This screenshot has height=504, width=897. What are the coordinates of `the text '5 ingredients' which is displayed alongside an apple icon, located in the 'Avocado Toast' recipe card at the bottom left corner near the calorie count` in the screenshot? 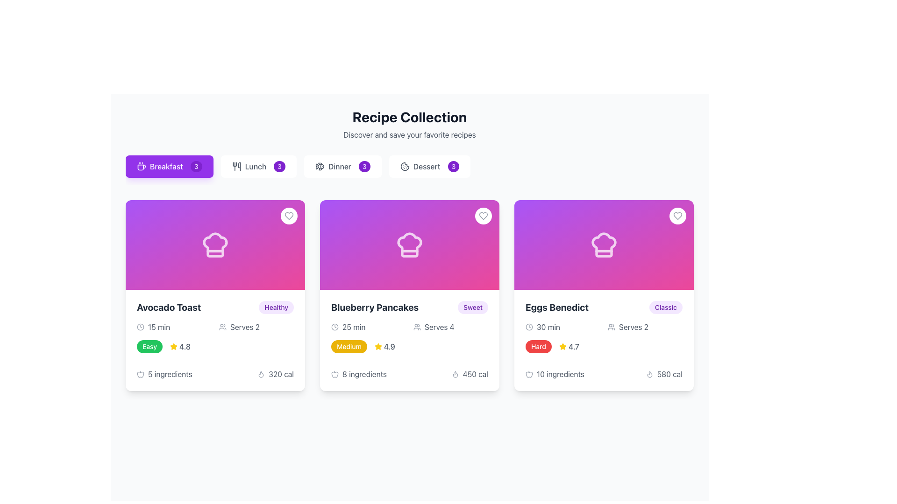 It's located at (164, 374).